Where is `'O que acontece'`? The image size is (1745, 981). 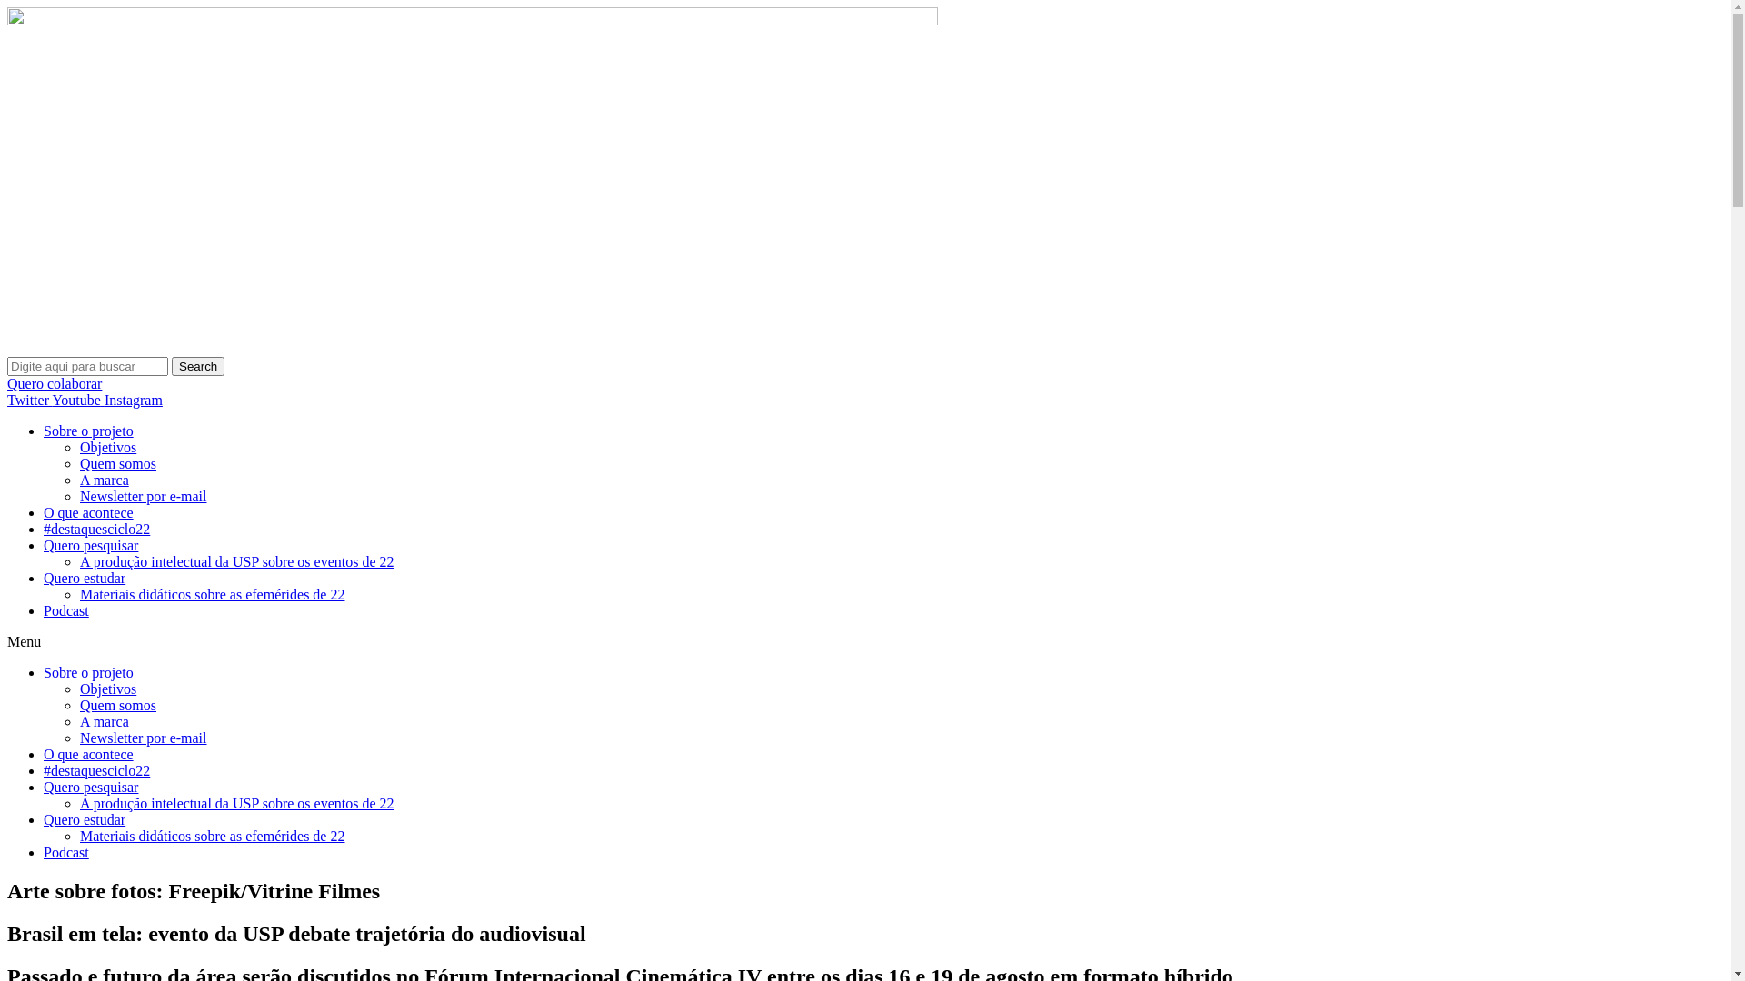
'O que acontece' is located at coordinates (87, 512).